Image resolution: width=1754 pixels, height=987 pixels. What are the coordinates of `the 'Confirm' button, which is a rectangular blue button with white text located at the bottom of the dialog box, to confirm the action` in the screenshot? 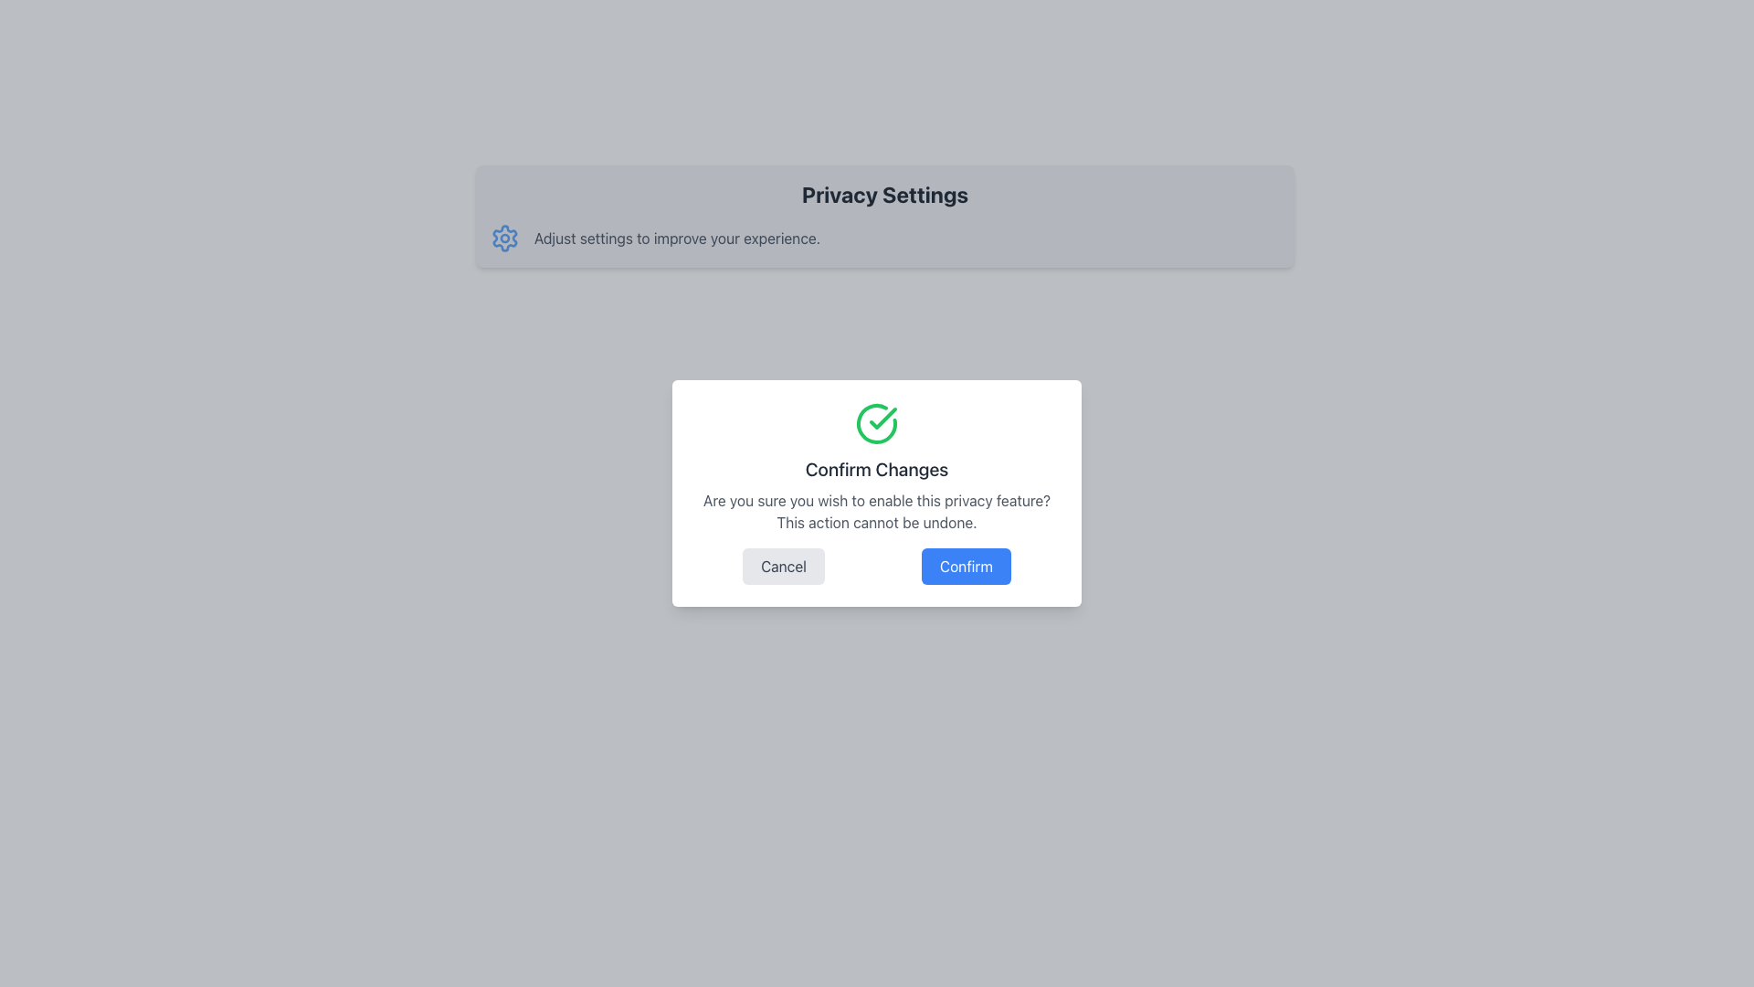 It's located at (965, 566).